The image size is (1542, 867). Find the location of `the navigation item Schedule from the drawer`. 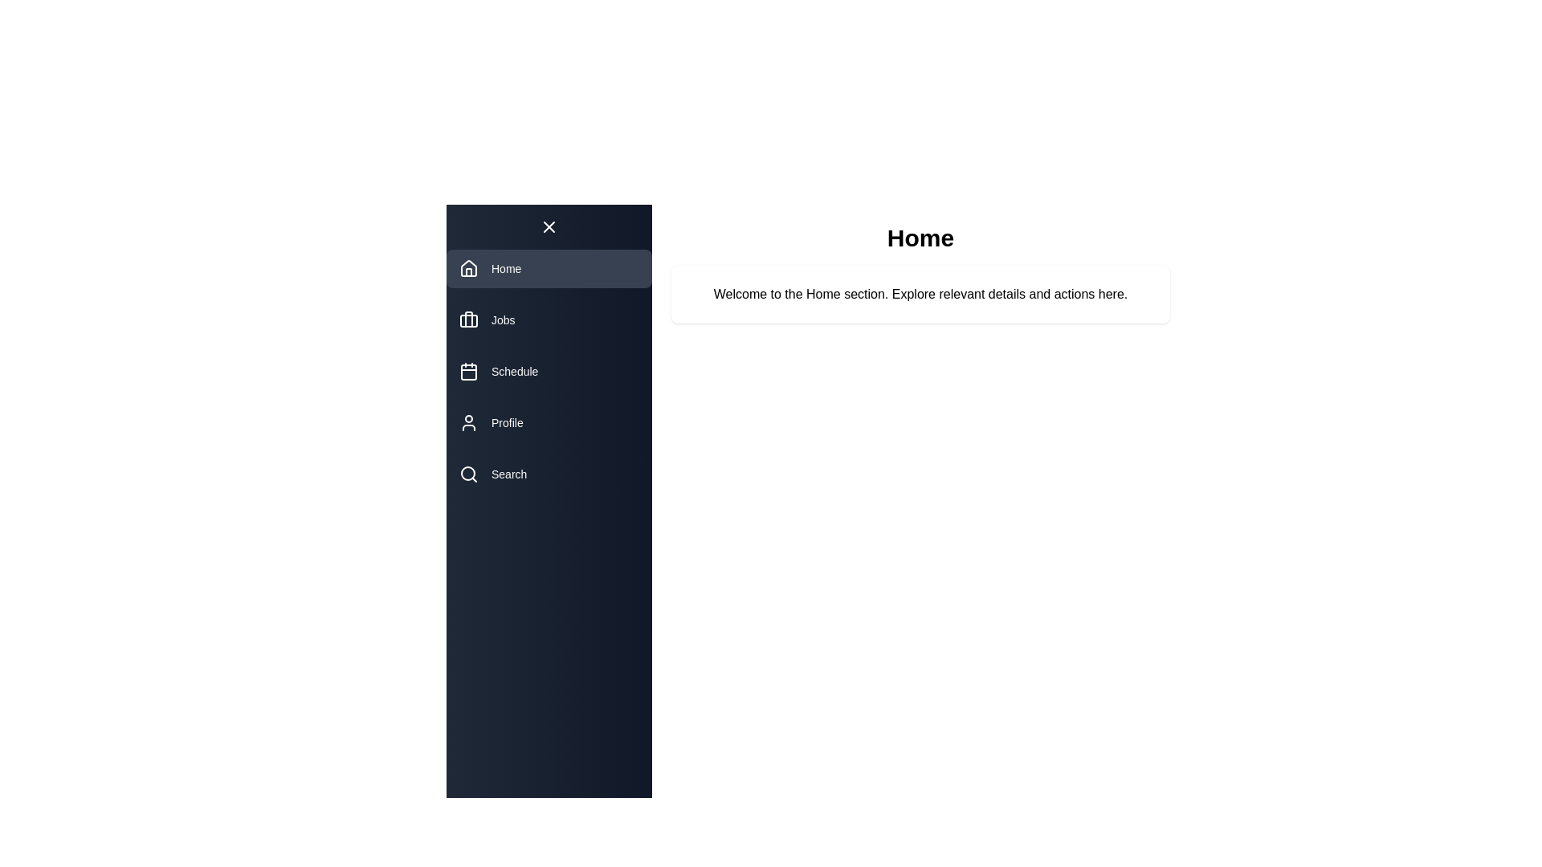

the navigation item Schedule from the drawer is located at coordinates (549, 371).